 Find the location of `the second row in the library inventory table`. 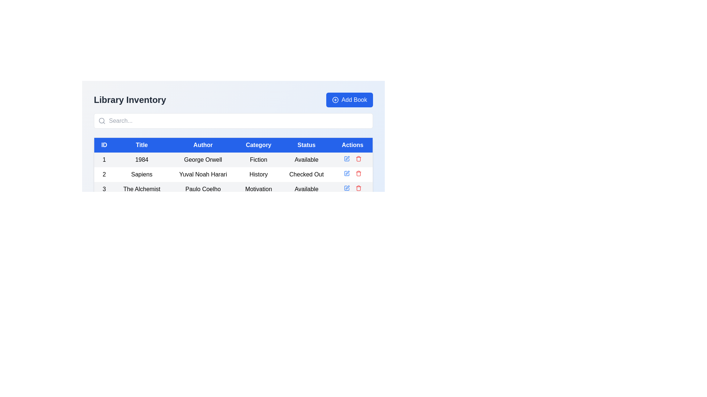

the second row in the library inventory table is located at coordinates (233, 174).